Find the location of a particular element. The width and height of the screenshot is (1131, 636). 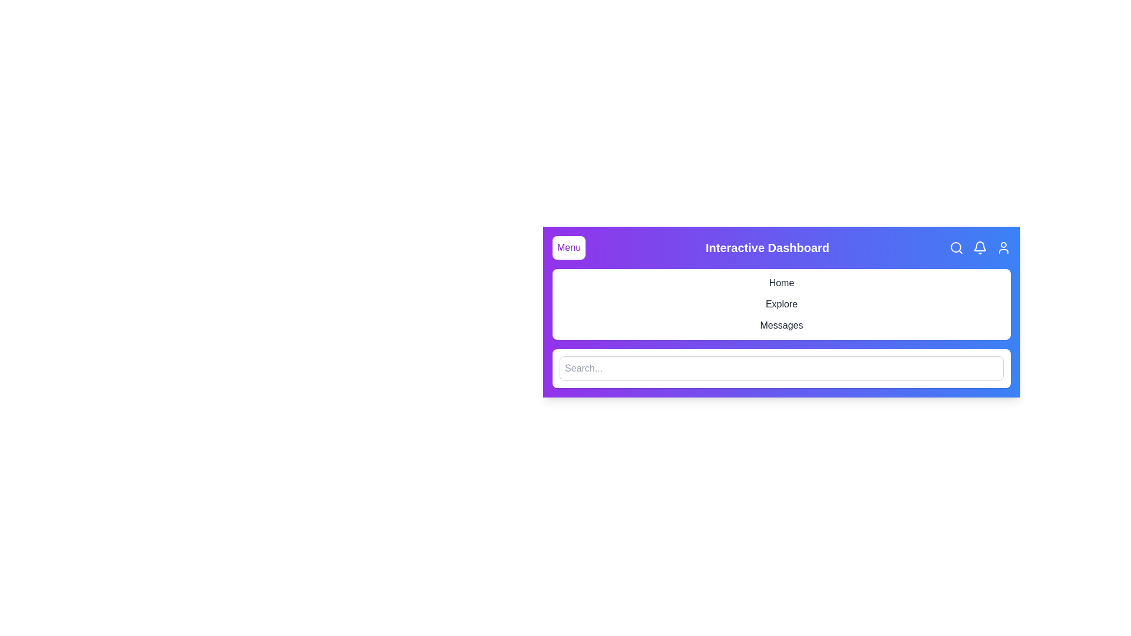

the Search icon to observe its hover effect is located at coordinates (956, 247).